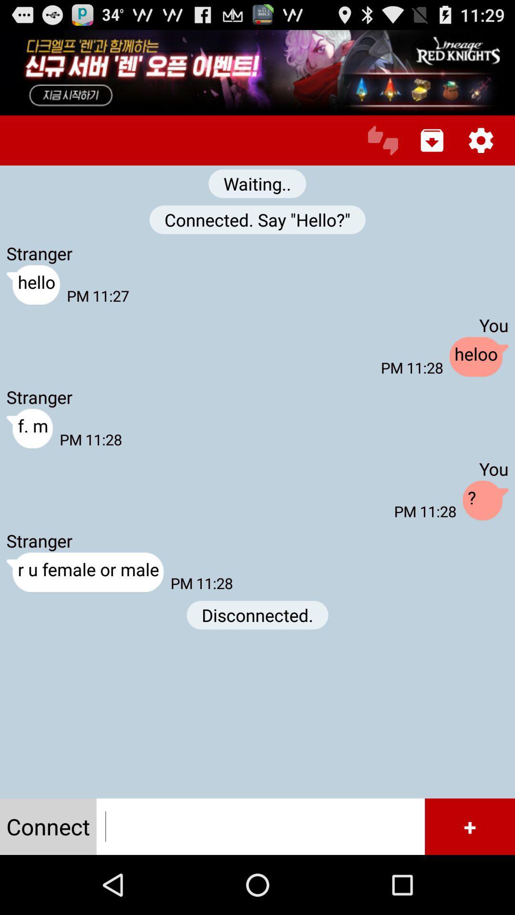 Image resolution: width=515 pixels, height=915 pixels. I want to click on the button above connect, so click(84, 572).